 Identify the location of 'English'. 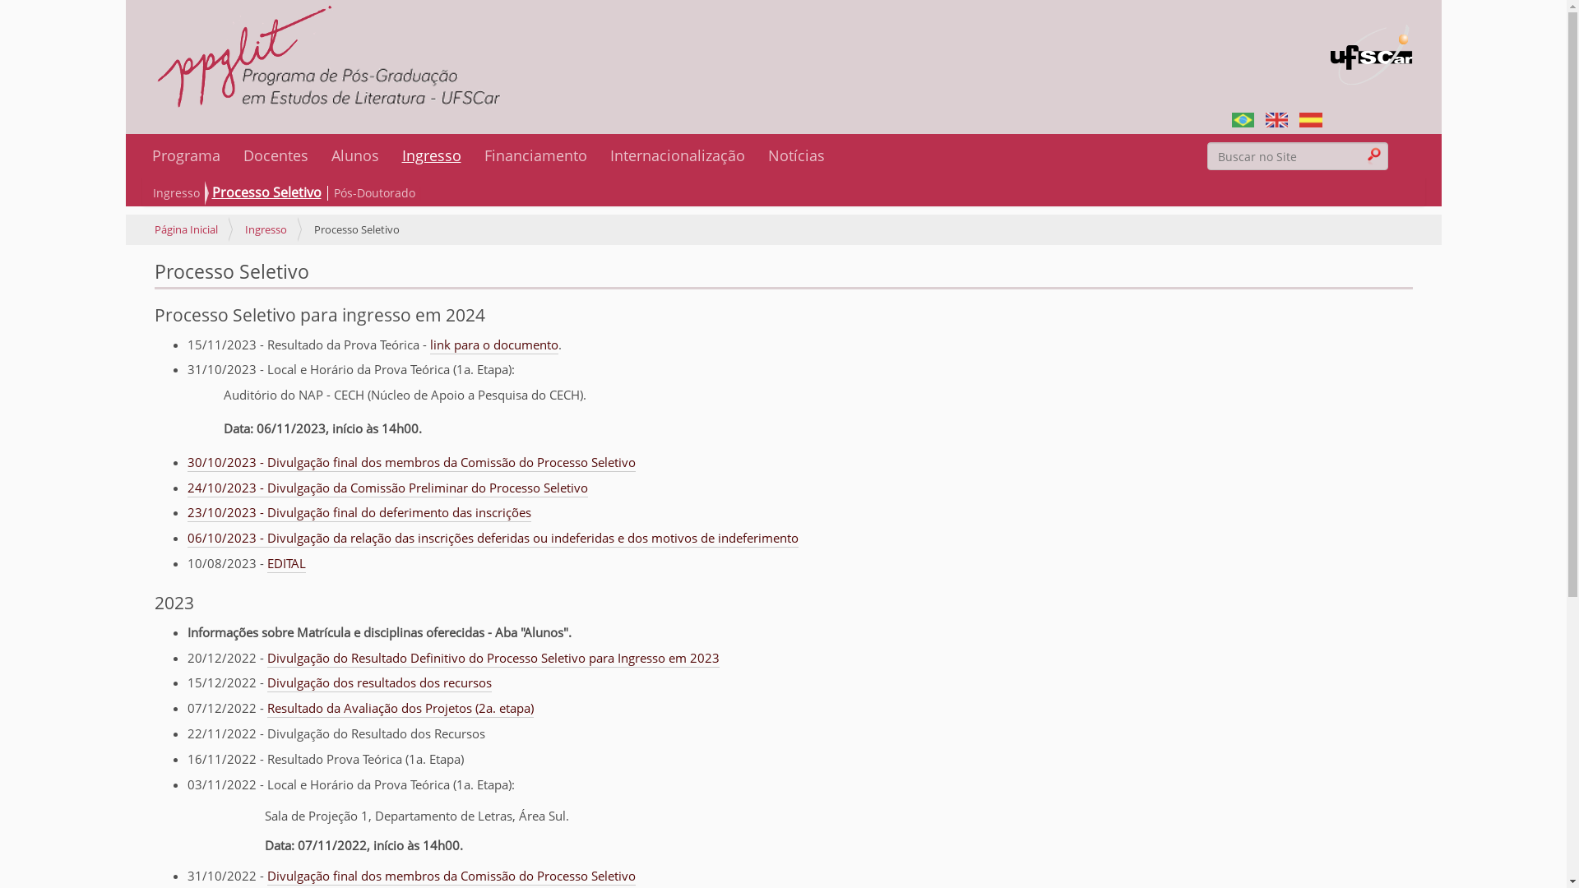
(1265, 119).